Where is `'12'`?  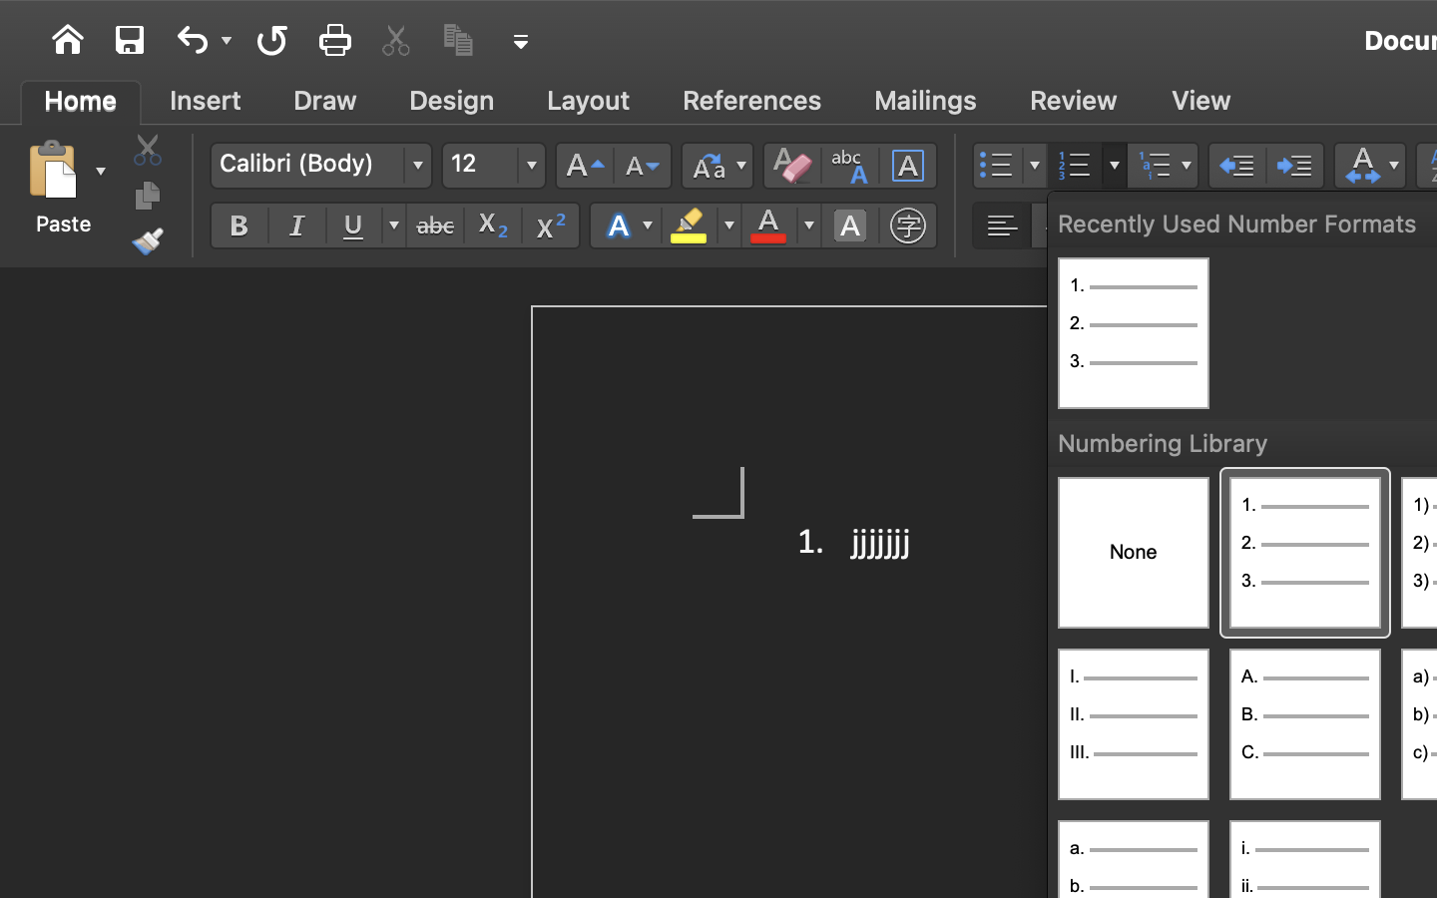
'12' is located at coordinates (493, 165).